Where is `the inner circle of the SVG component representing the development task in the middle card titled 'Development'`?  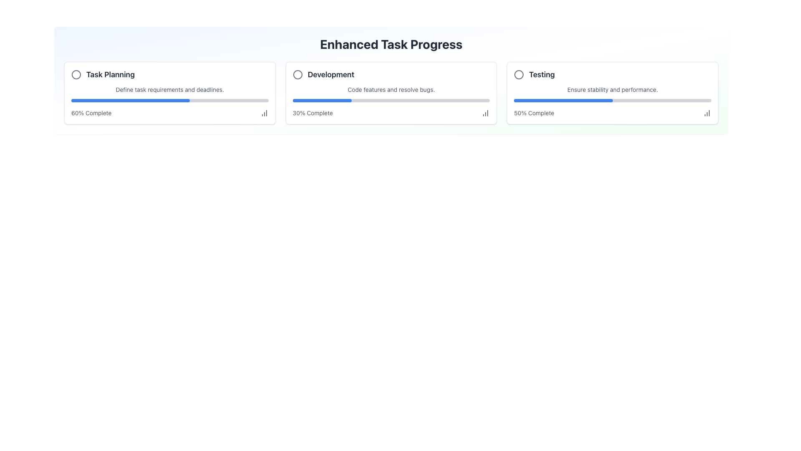
the inner circle of the SVG component representing the development task in the middle card titled 'Development' is located at coordinates (297, 74).